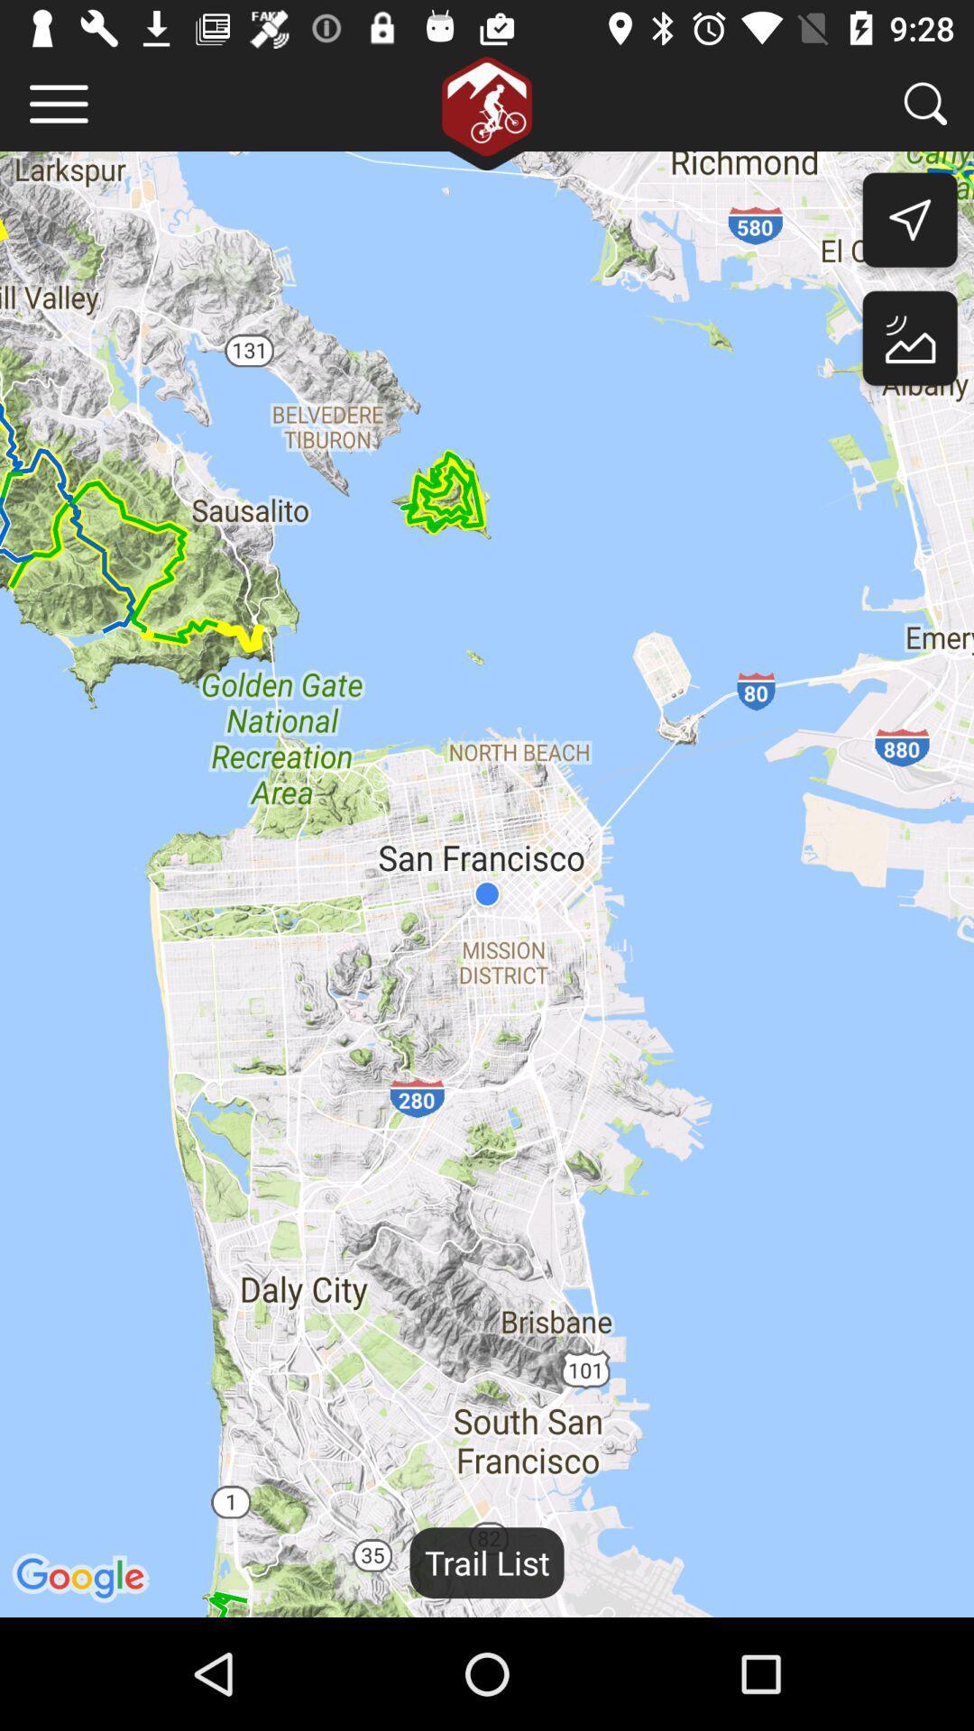 The width and height of the screenshot is (974, 1731). What do you see at coordinates (925, 103) in the screenshot?
I see `magnify` at bounding box center [925, 103].